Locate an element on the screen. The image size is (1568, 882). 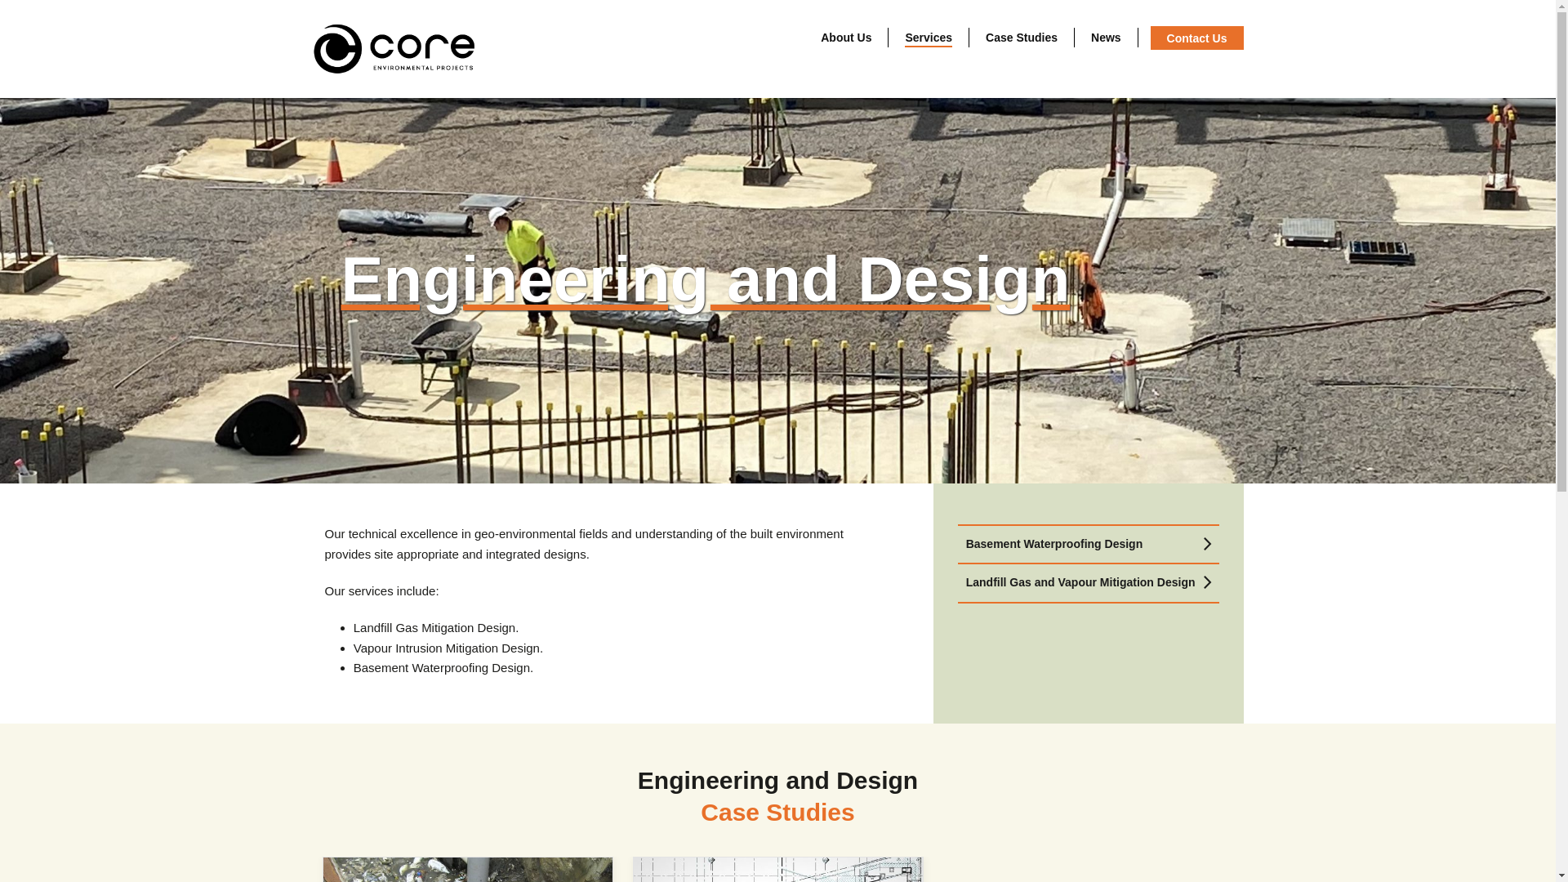
'Basement Waterproofing Design' is located at coordinates (1088, 544).